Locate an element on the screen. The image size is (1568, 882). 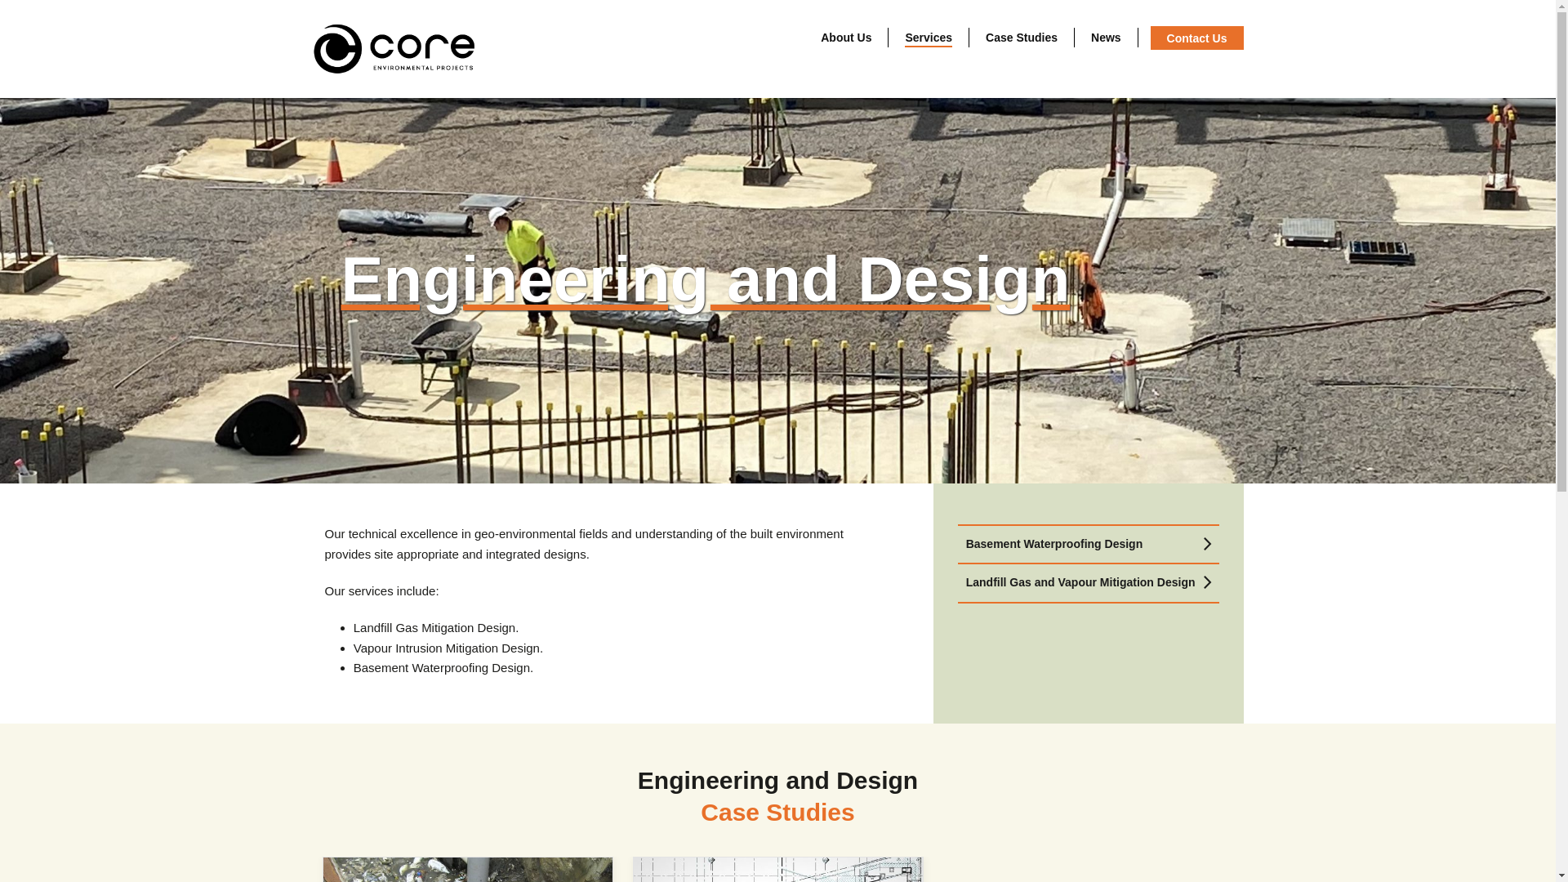
'Basement Waterproofing Design' is located at coordinates (1088, 544).